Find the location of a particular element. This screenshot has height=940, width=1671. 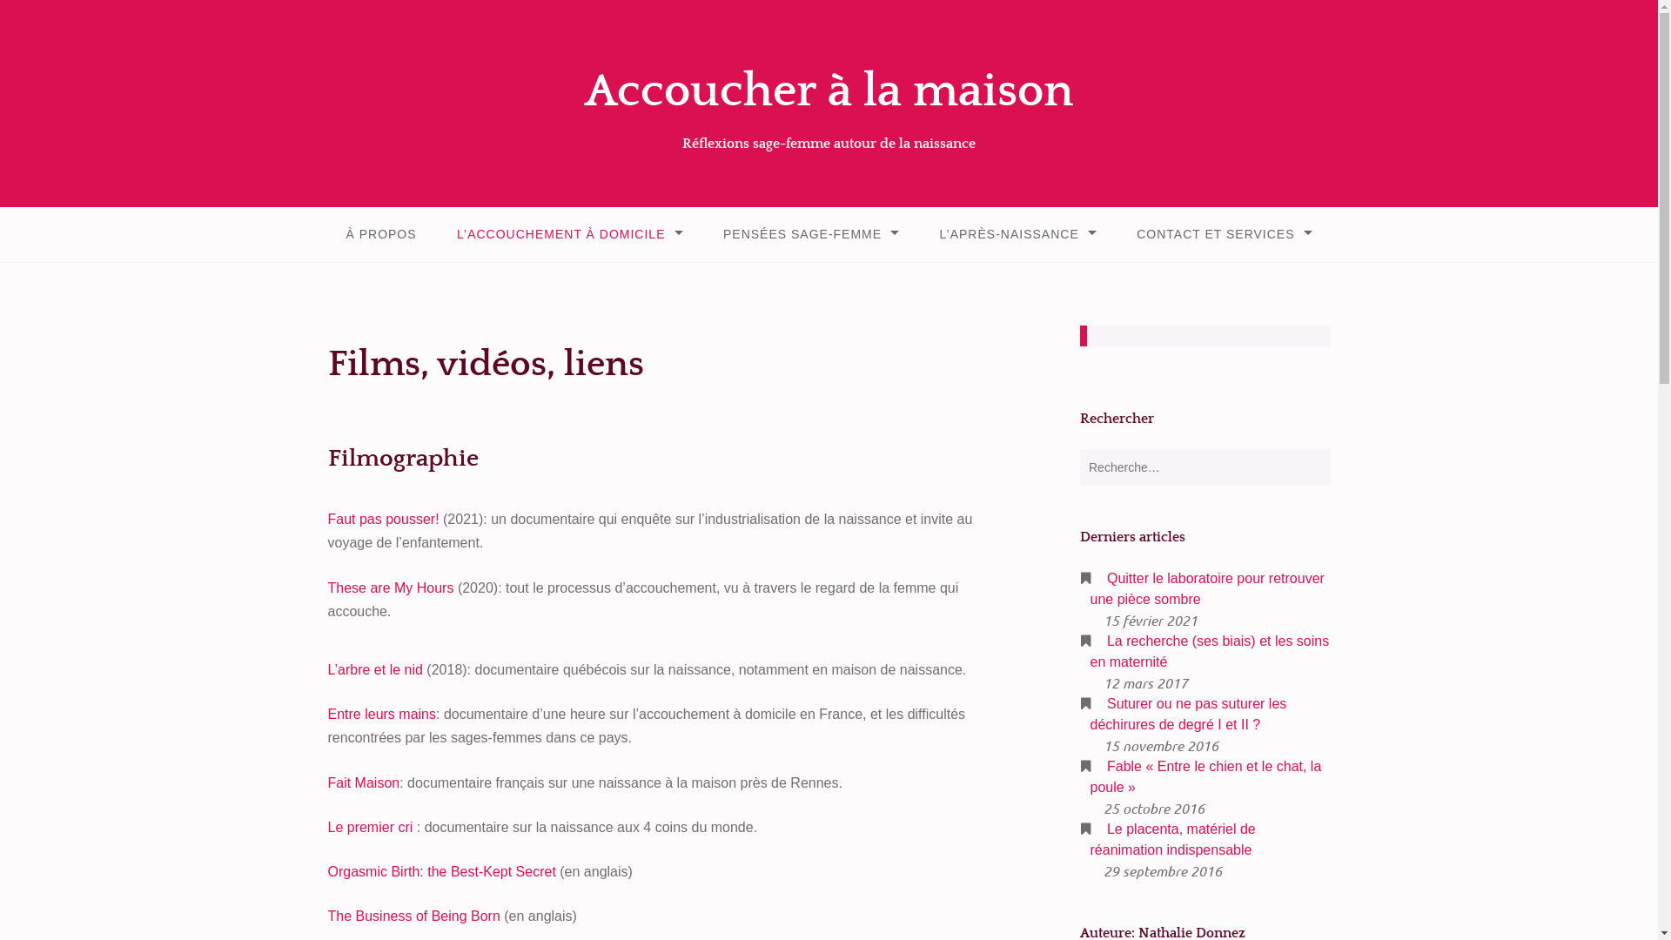

'The Business of Being Born' is located at coordinates (413, 915).